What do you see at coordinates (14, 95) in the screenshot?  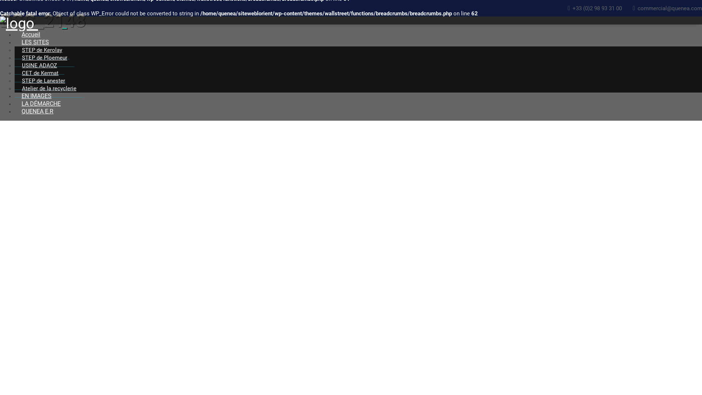 I see `'EN IMAGES'` at bounding box center [14, 95].